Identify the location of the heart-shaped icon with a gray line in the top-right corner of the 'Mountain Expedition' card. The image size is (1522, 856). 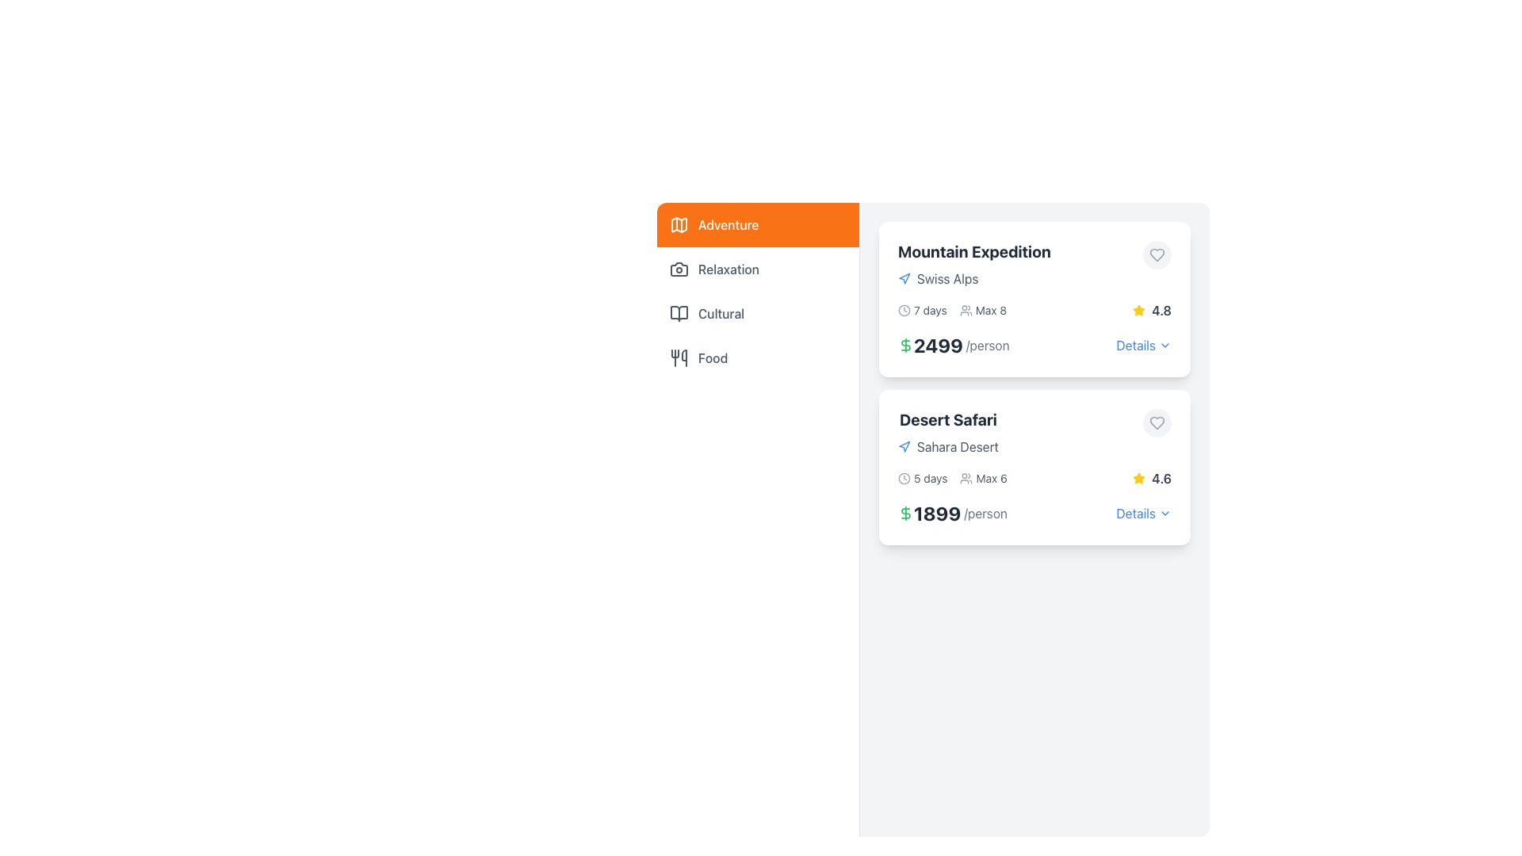
(1157, 254).